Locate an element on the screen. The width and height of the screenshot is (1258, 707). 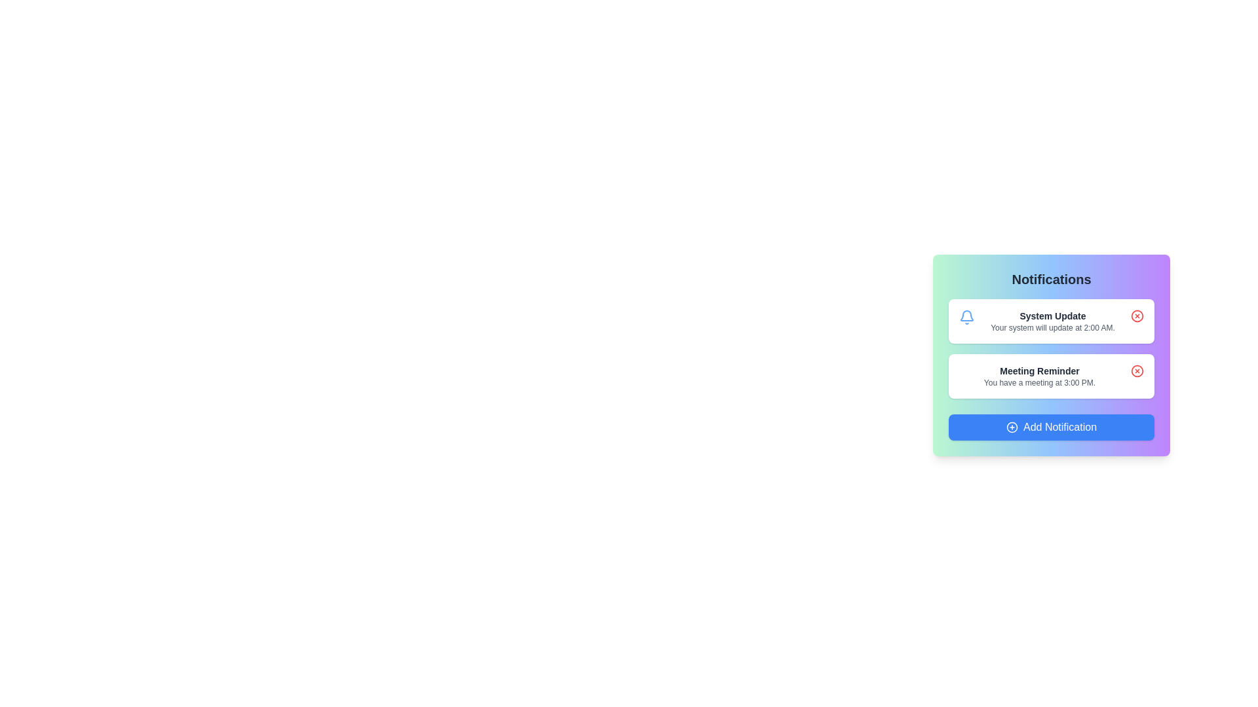
close icon for the notification titled 'Meeting Reminder' is located at coordinates (1137, 371).